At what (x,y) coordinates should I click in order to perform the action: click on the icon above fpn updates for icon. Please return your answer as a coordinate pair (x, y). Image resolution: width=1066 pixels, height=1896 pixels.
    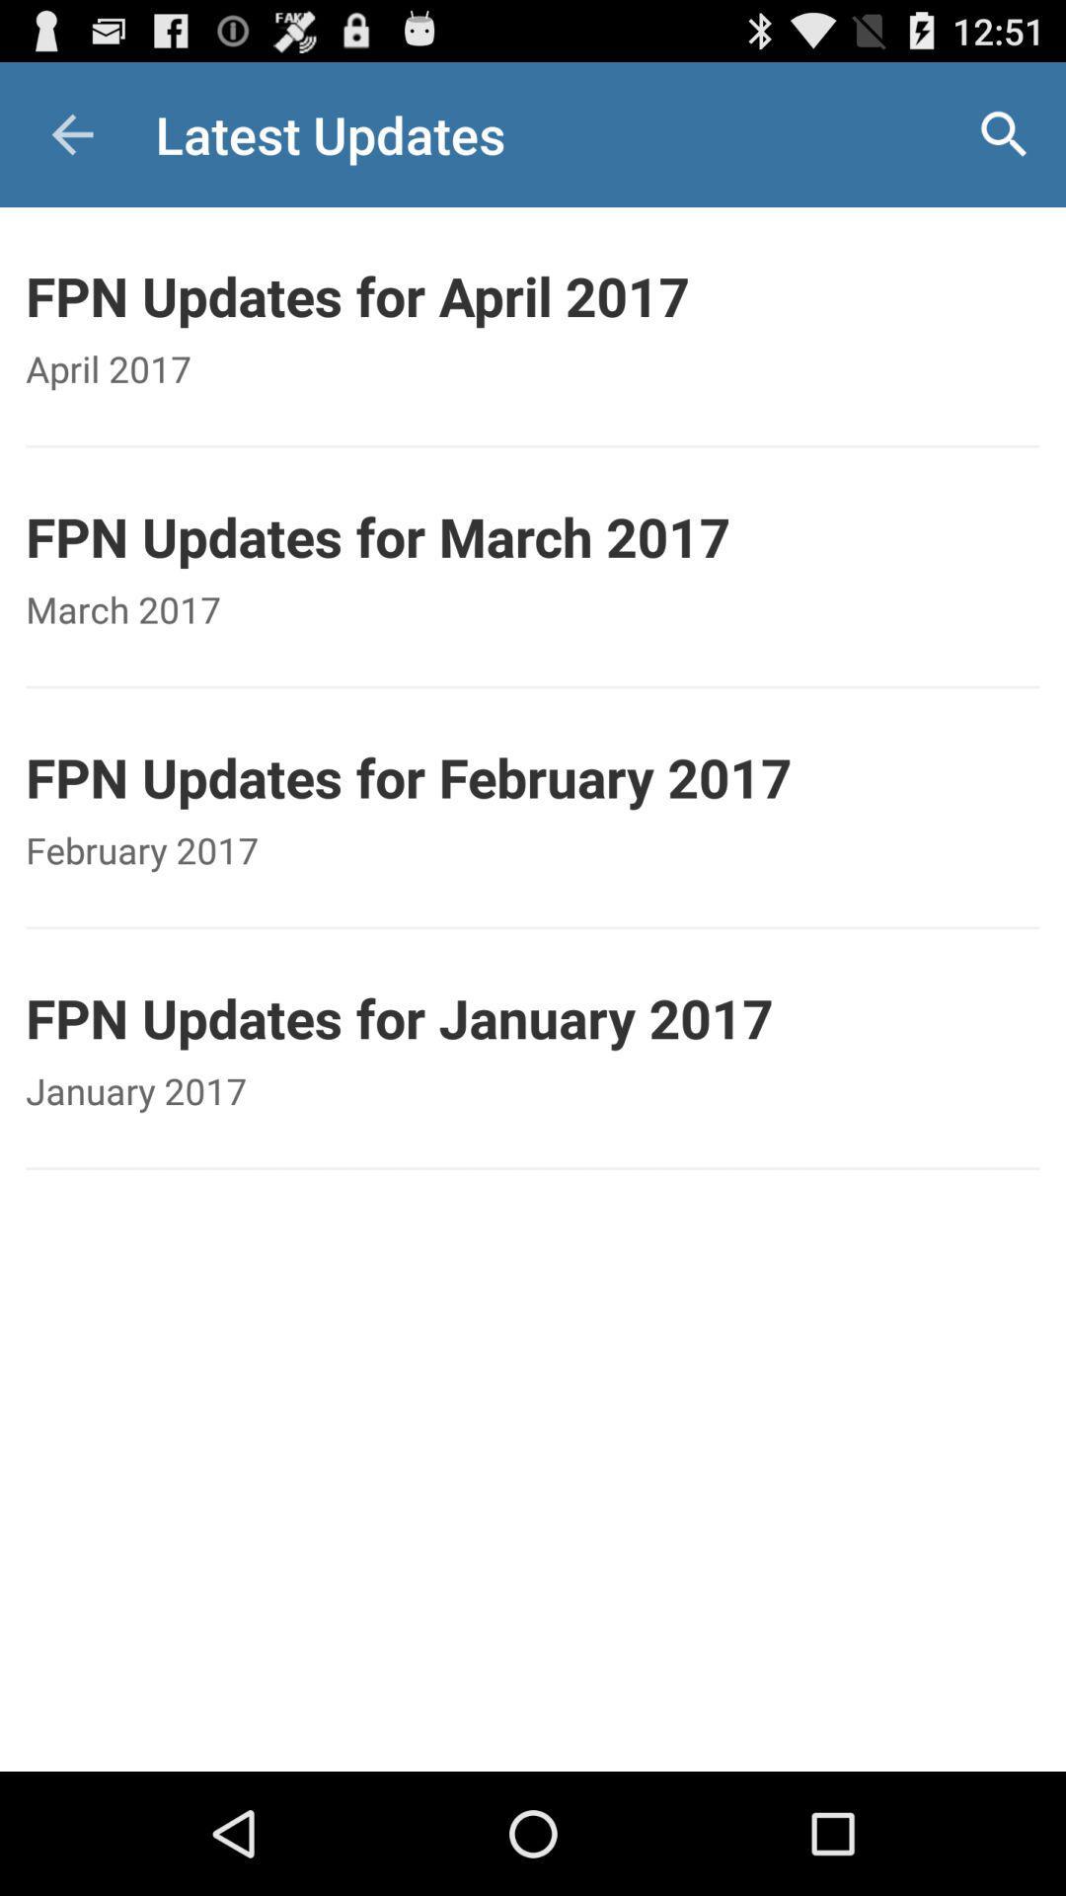
    Looking at the image, I should click on (1004, 133).